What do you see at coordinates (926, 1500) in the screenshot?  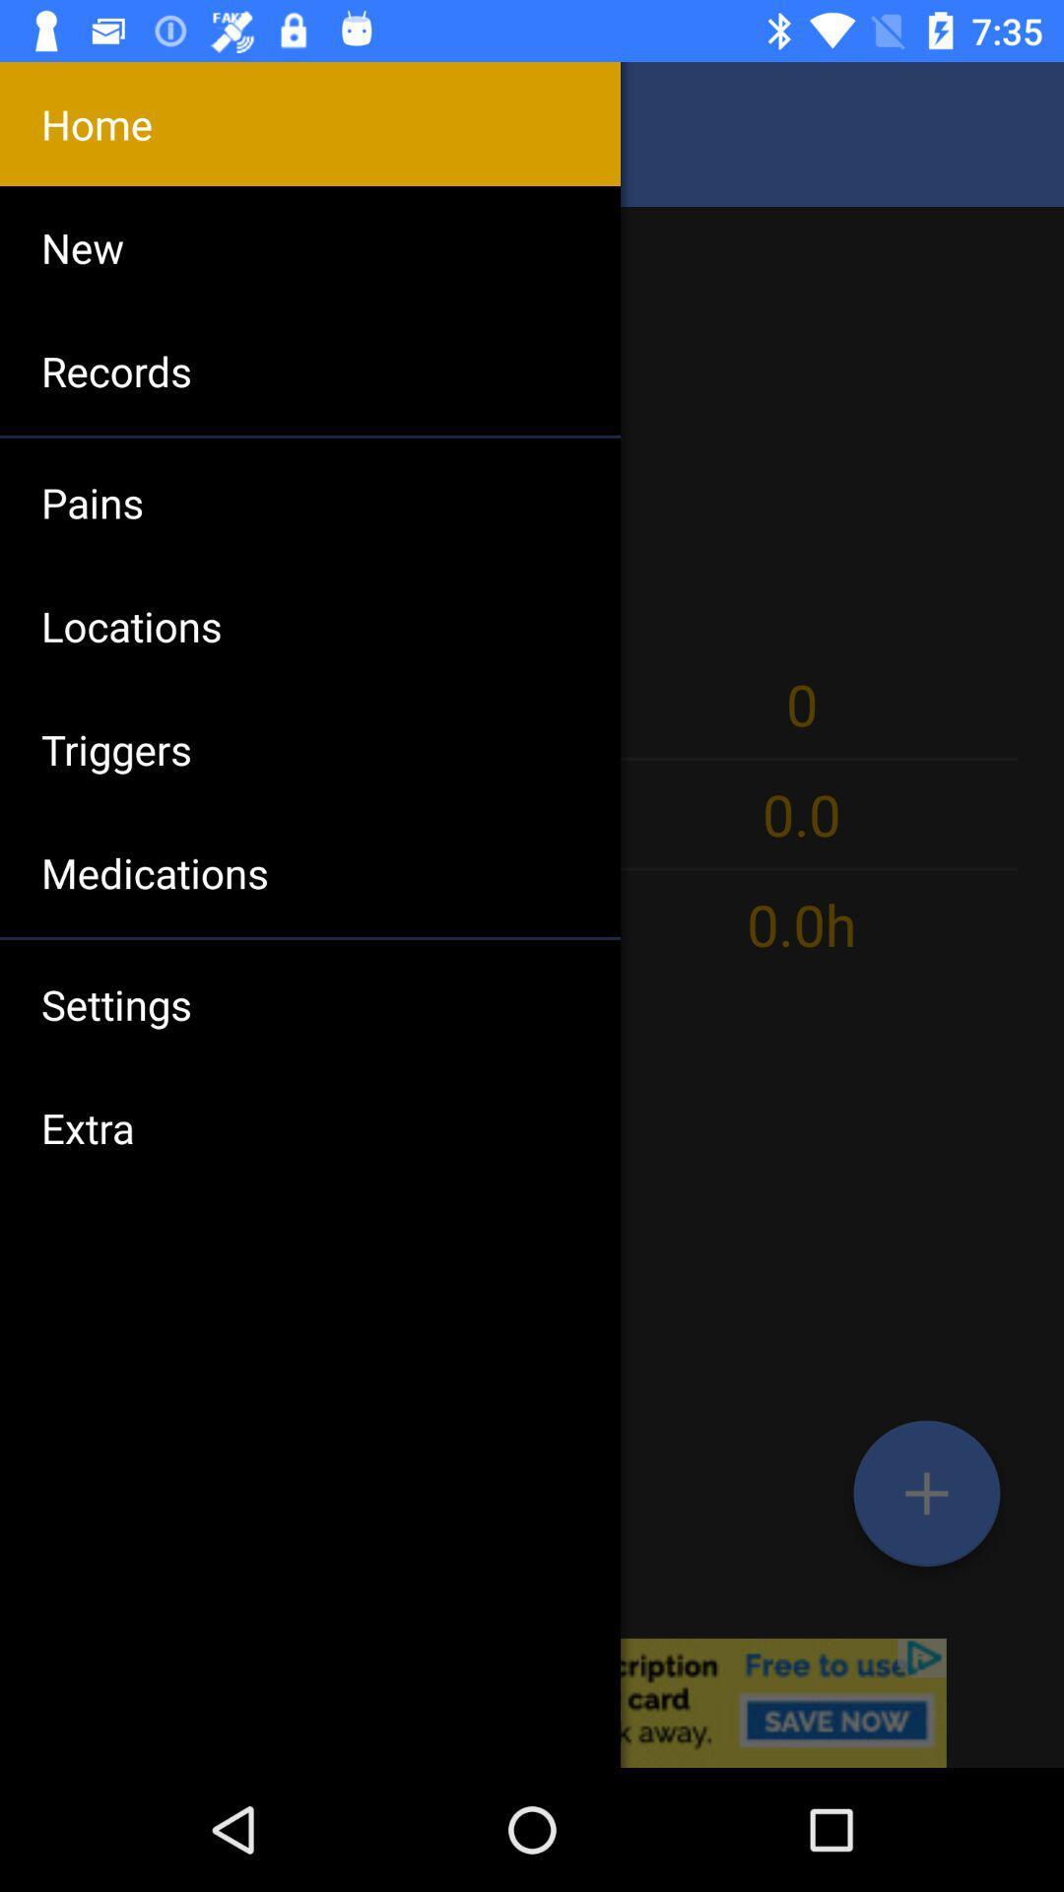 I see `the add icon` at bounding box center [926, 1500].